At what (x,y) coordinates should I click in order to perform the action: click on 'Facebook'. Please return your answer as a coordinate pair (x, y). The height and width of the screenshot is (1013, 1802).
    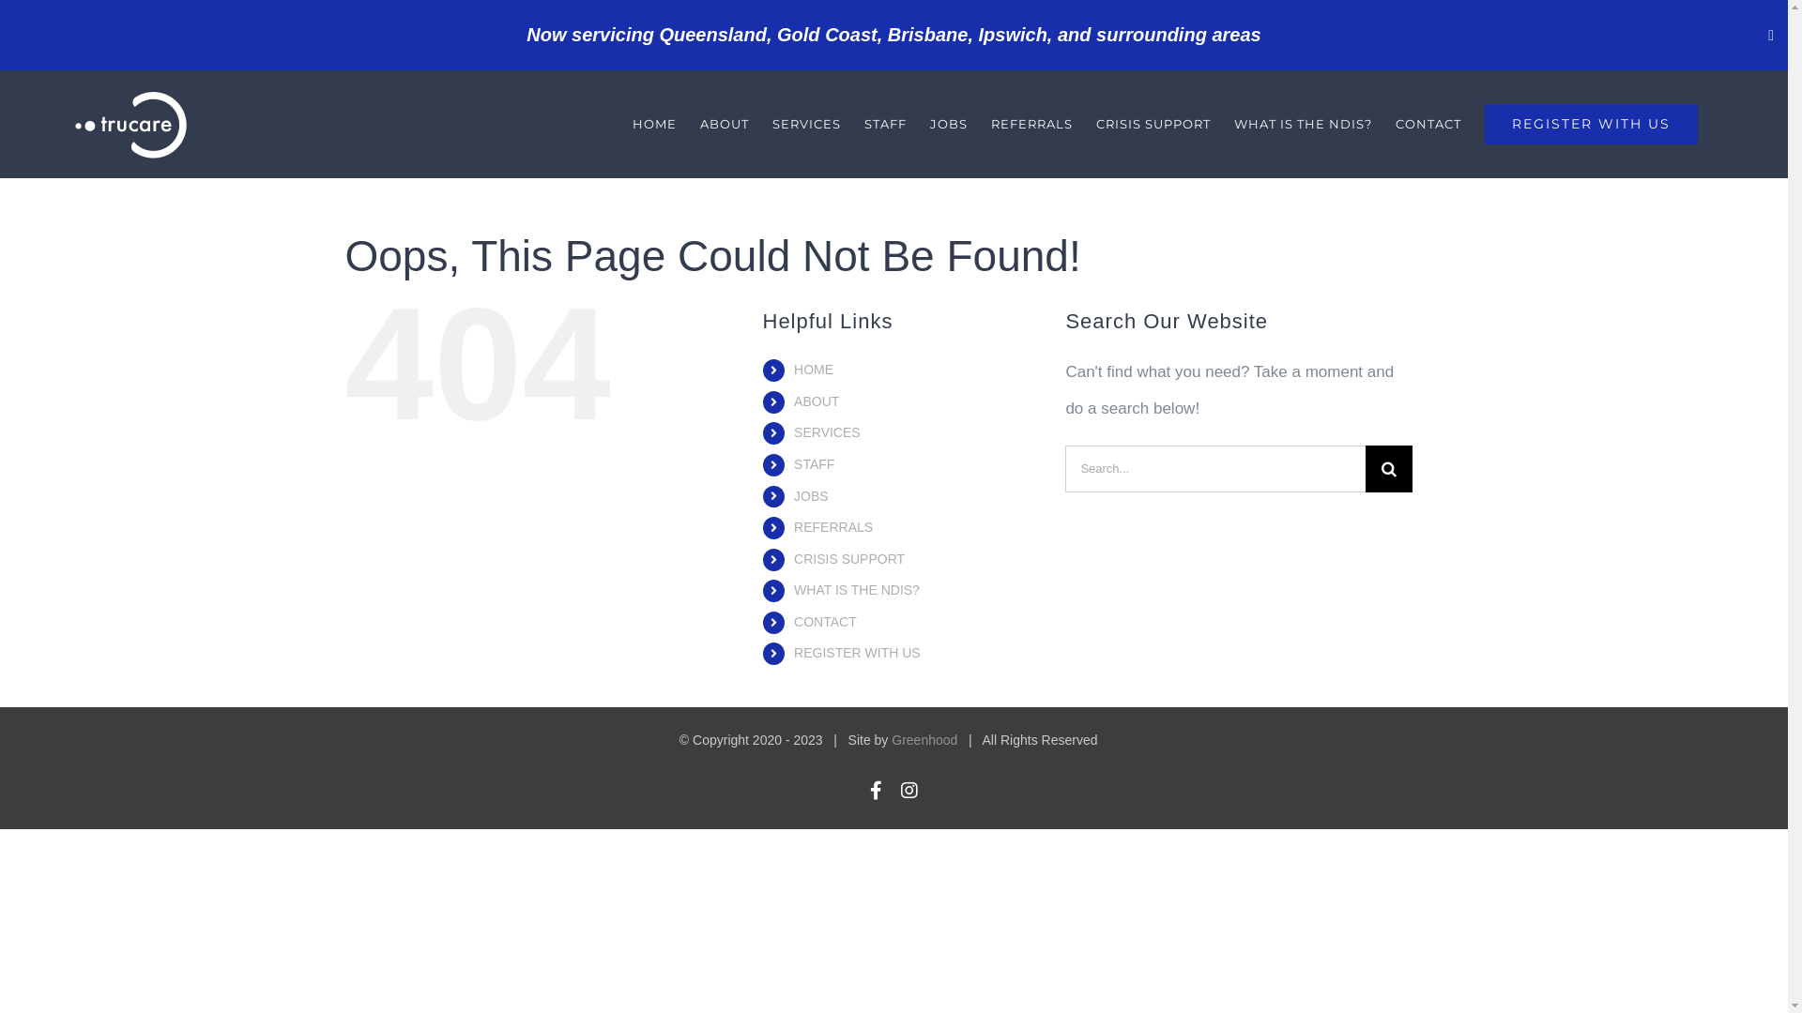
    Looking at the image, I should click on (875, 791).